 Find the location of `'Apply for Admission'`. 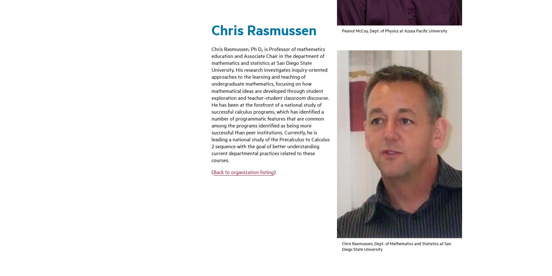

'Apply for Admission' is located at coordinates (207, 182).